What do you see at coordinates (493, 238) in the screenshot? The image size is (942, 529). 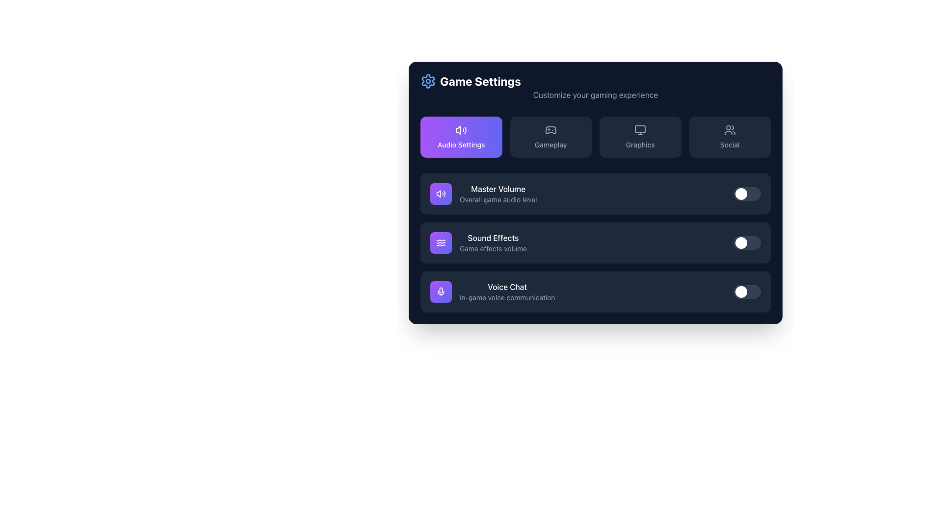 I see `the label indicating 'Sound Effects Volume'` at bounding box center [493, 238].